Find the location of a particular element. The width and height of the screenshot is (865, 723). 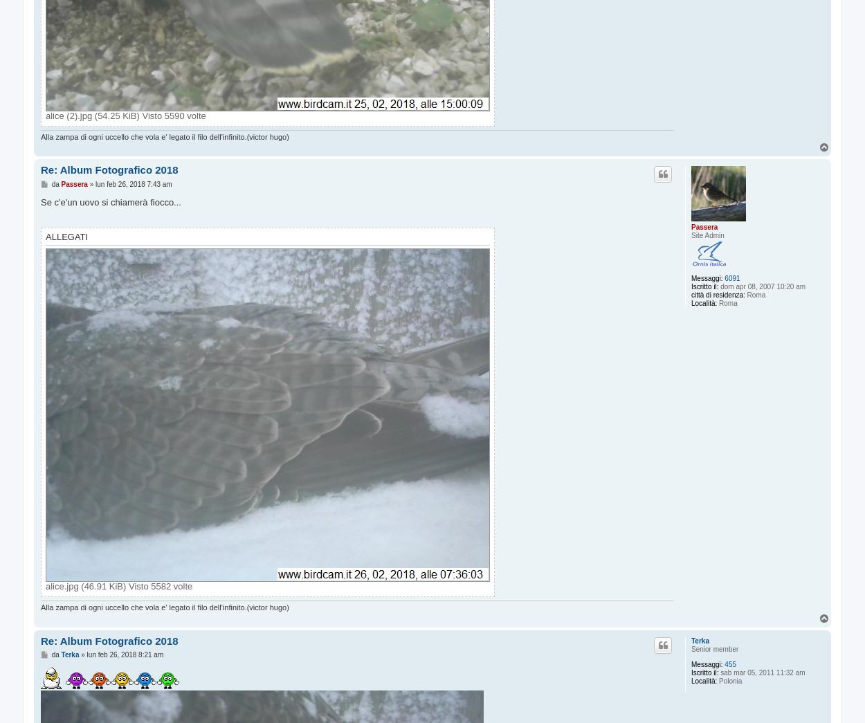

'dom apr 08, 2007 10:20 am' is located at coordinates (761, 286).